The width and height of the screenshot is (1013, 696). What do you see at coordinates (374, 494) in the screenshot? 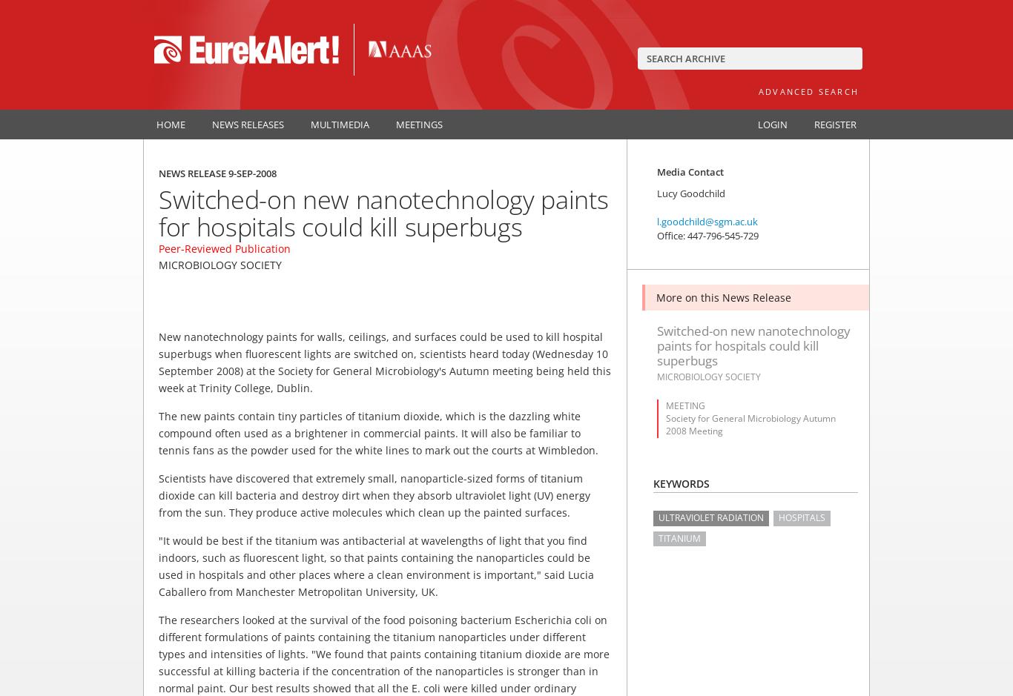
I see `'Scientists have discovered that extremely small, nanoparticle-sized forms of titanium dioxide can kill bacteria and destroy dirt when they absorb ultraviolet light (UV) energy from the sun. They produce active molecules which clean up the painted surfaces.'` at bounding box center [374, 494].